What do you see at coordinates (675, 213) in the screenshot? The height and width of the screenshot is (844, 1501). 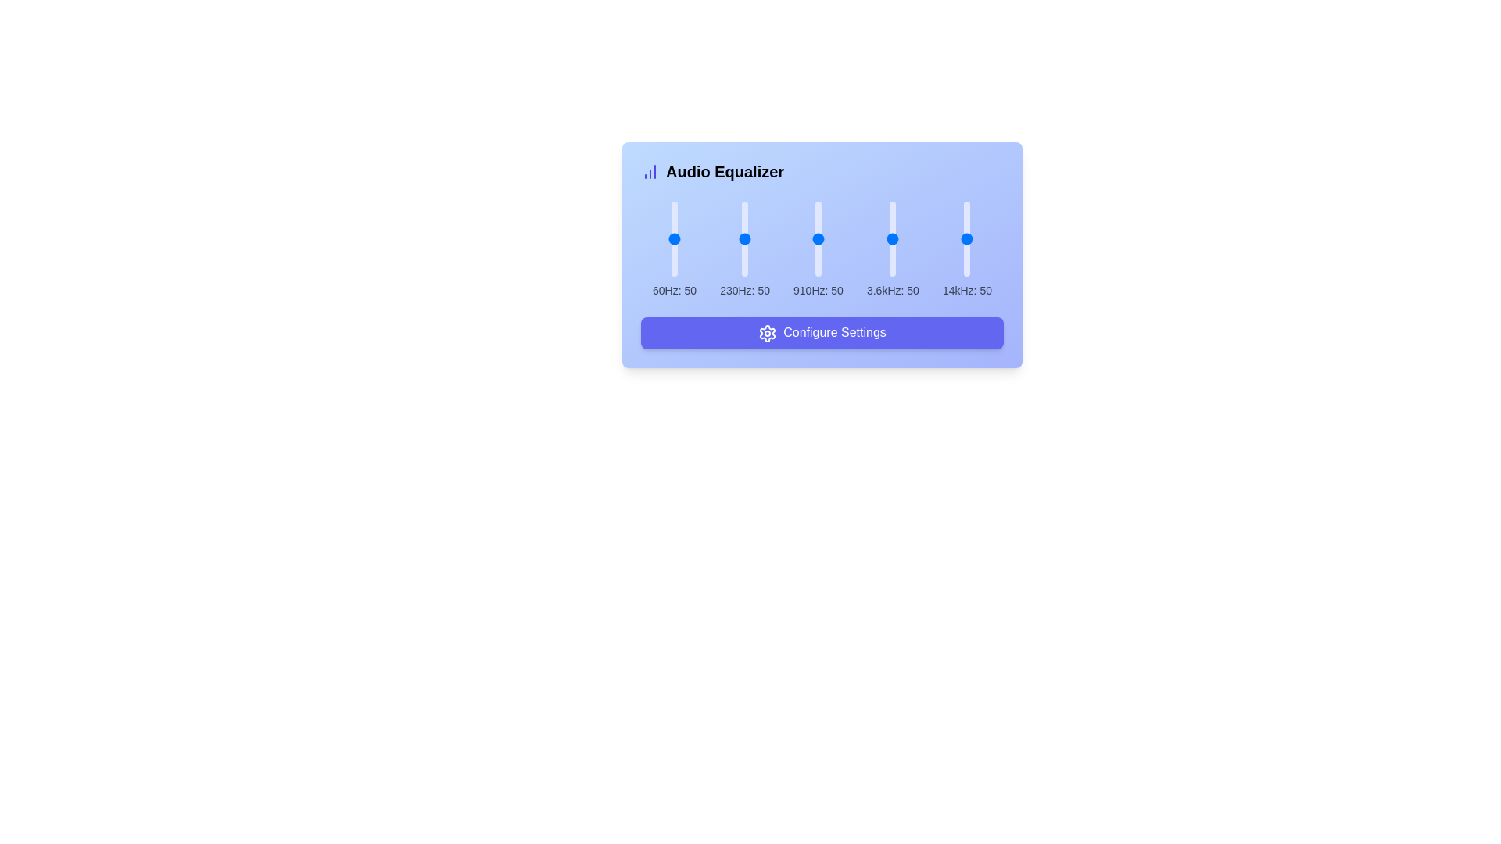 I see `the 60Hz frequency slider` at bounding box center [675, 213].